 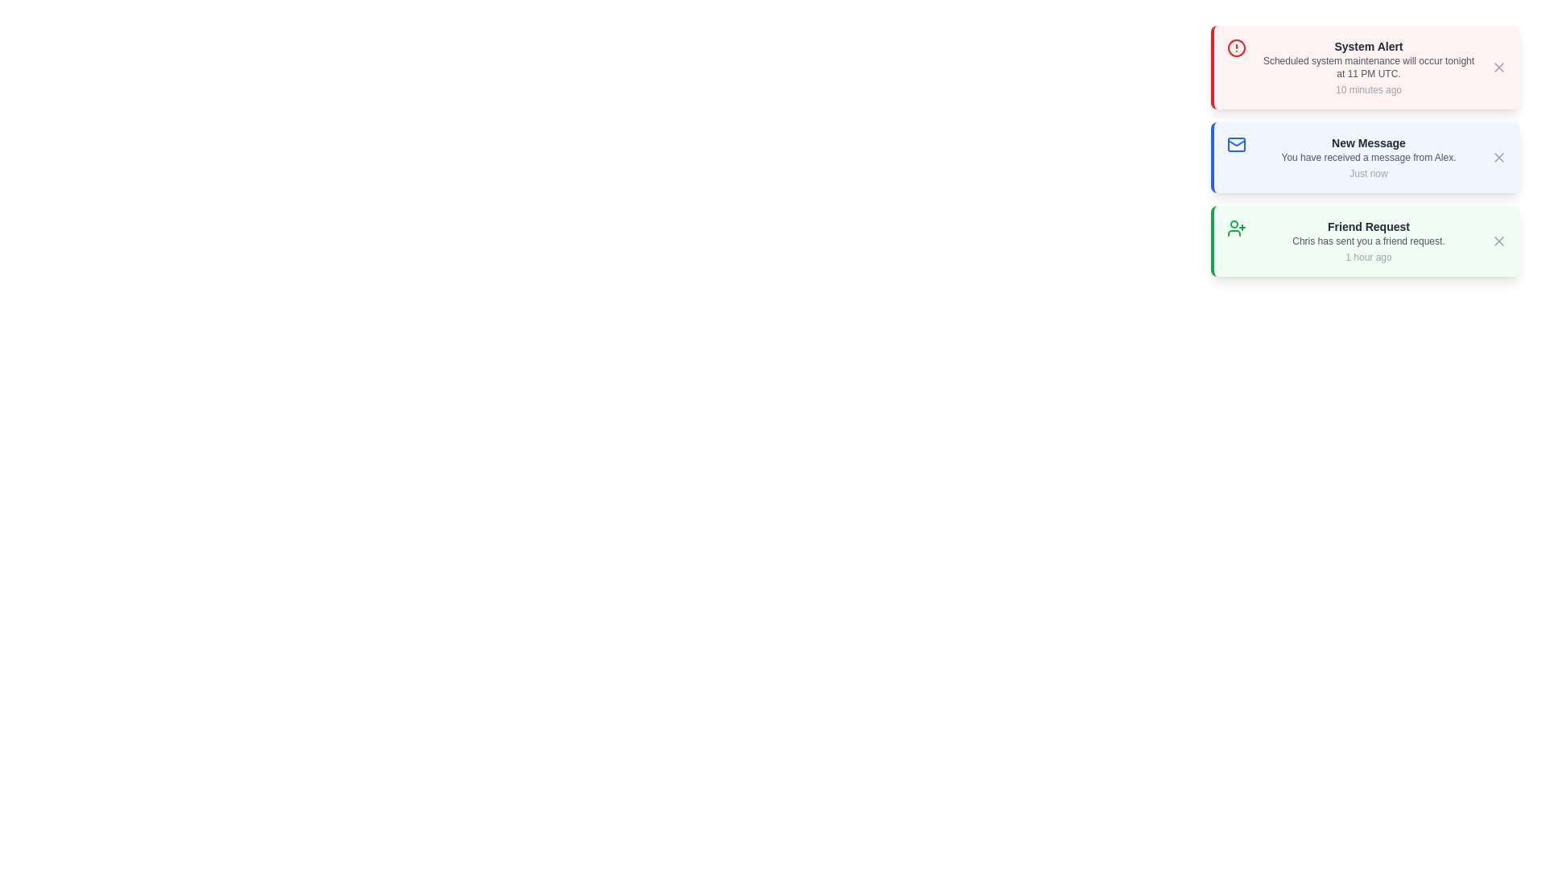 I want to click on the close button represented by an 'X' icon located in the upper-right corner of the green notification card about the friend request from Chris, so click(x=1498, y=241).